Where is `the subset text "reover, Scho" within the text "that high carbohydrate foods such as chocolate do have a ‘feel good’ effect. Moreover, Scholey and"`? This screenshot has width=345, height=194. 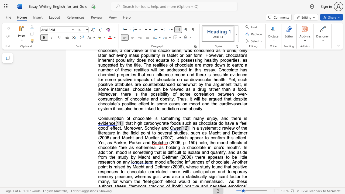
the subset text "reover, Scho" within the text "that high carbohydrate foods such as chocolate do have a ‘feel good’ effect. Moreover, Scholey and" is located at coordinates (129, 128).